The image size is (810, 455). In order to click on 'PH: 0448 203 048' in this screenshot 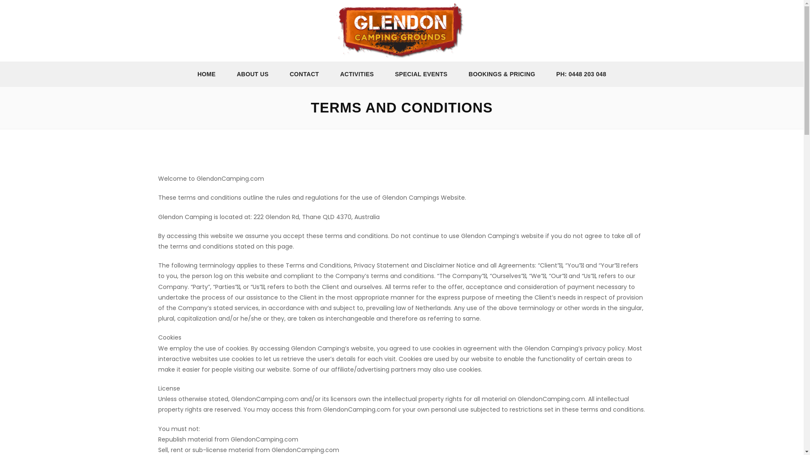, I will do `click(580, 73)`.